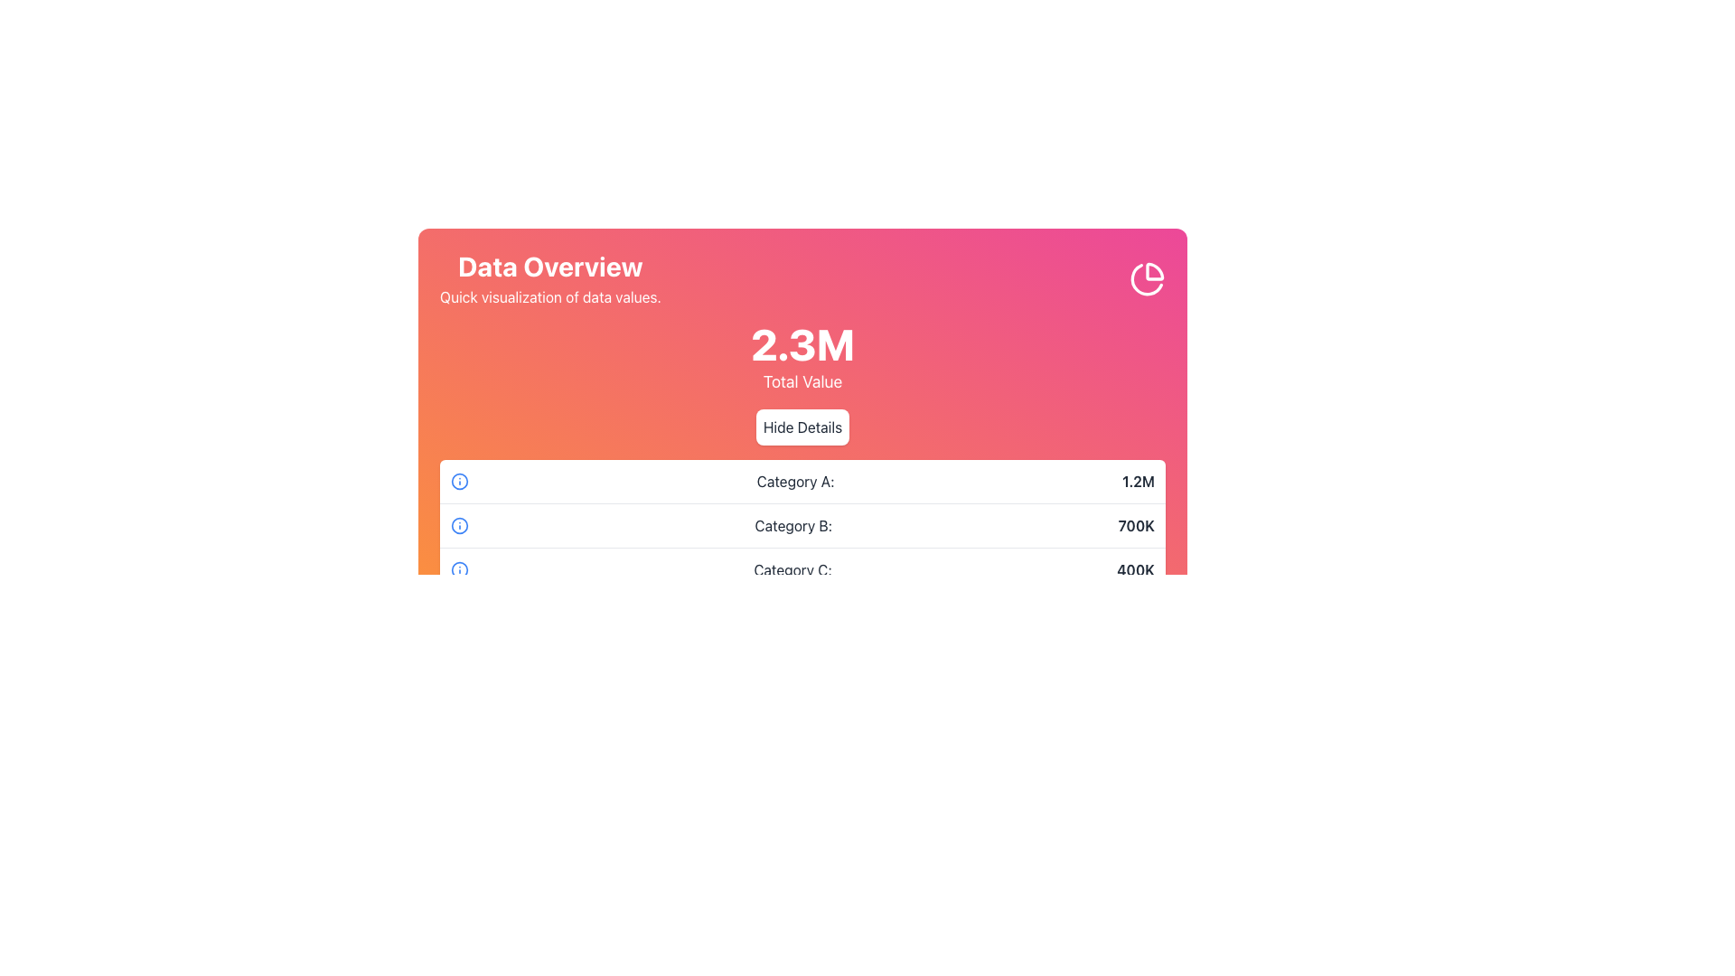 This screenshot has width=1735, height=976. What do you see at coordinates (1135, 570) in the screenshot?
I see `the static text displaying the numerical value for 'Category C', which is positioned to the far right of the row labeled 'Category C:' and serves an informational purpose` at bounding box center [1135, 570].